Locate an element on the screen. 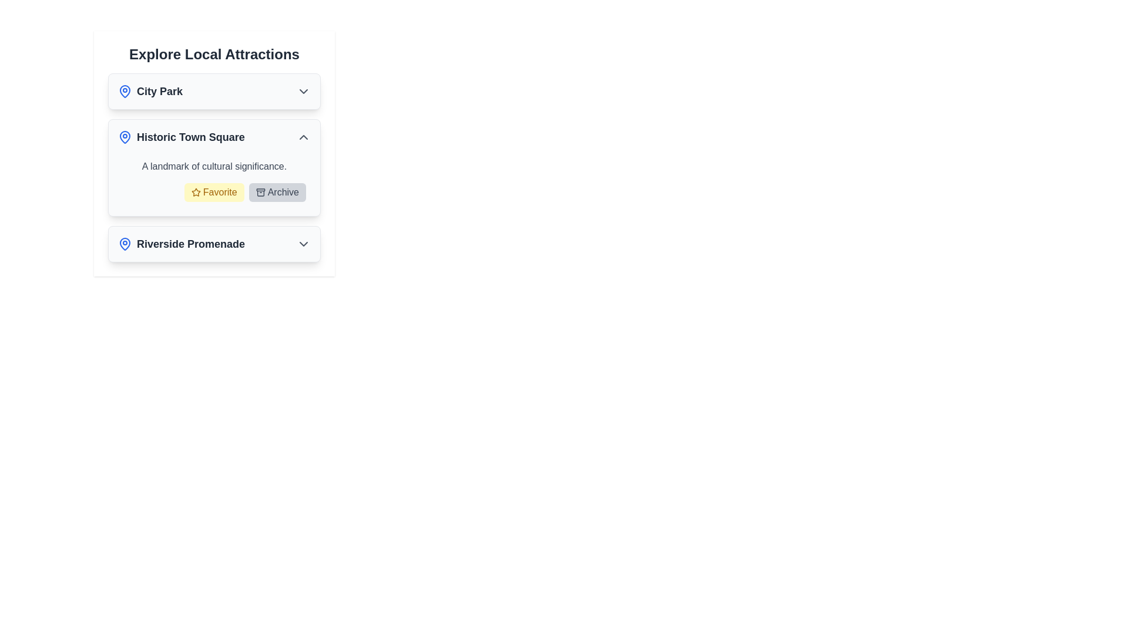 The height and width of the screenshot is (634, 1128). the blue map pin icon associated with 'Riverside Promenade' located in the 'Explore Local Attractions' section at the lower area of the interface is located at coordinates (125, 244).